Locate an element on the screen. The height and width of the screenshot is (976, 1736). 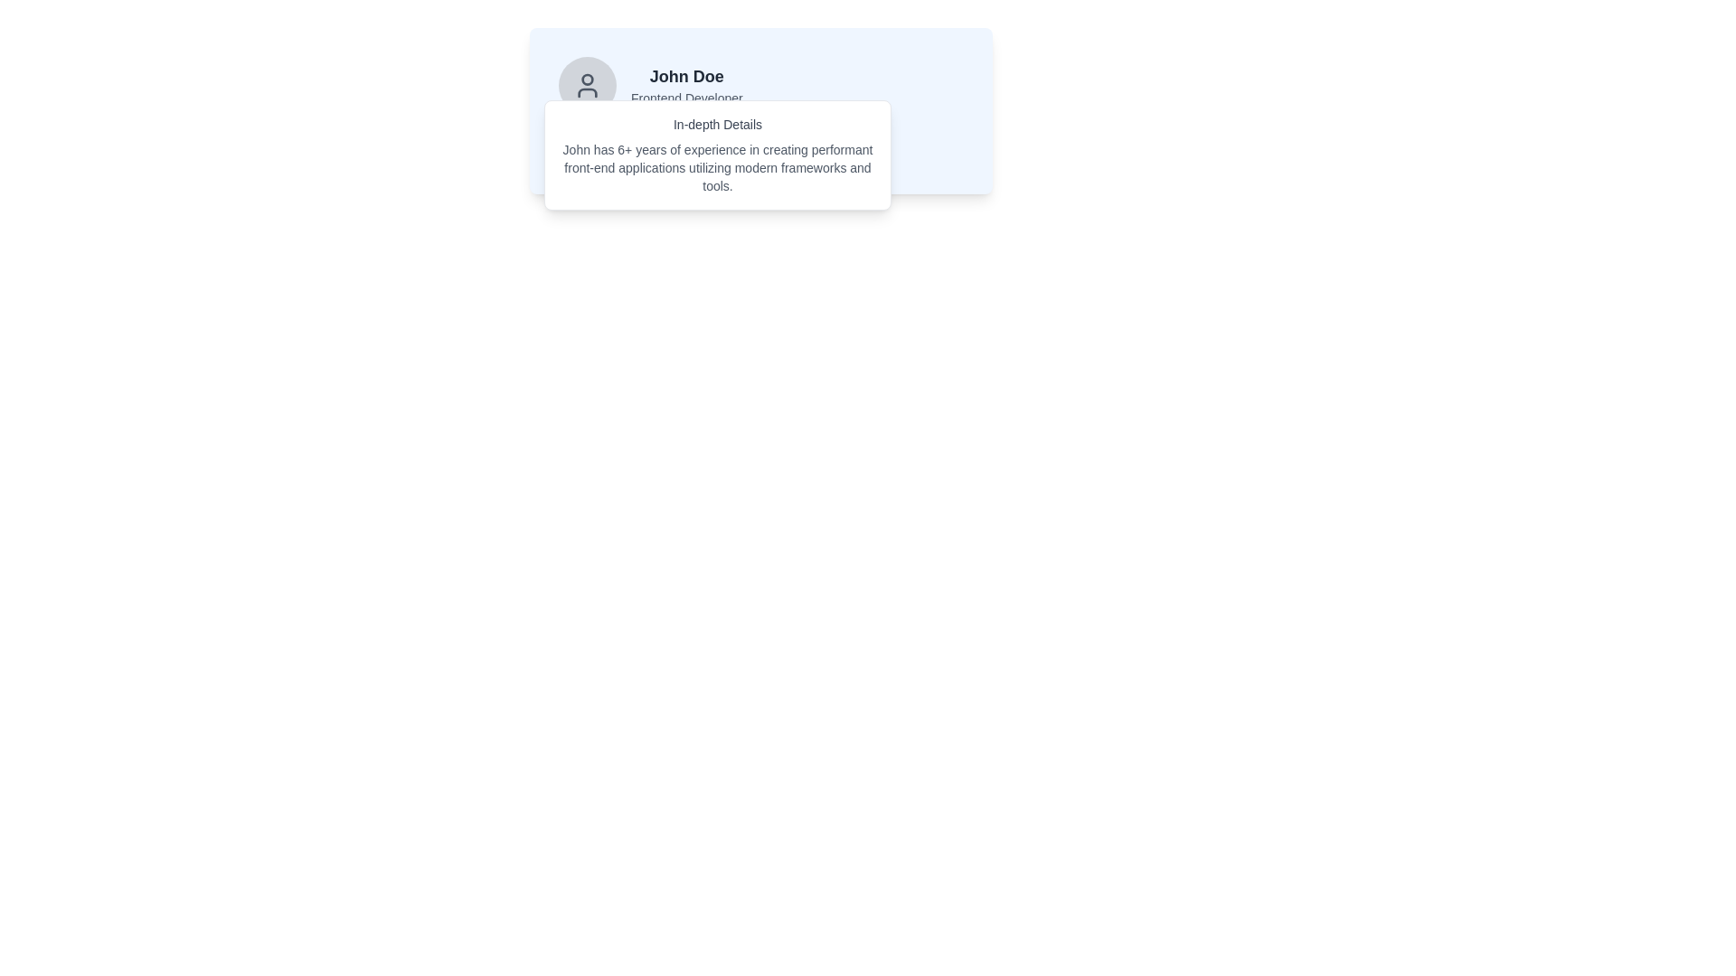
the text label displaying the name 'John Doe' in a large, bold font within the profile card is located at coordinates (685, 75).